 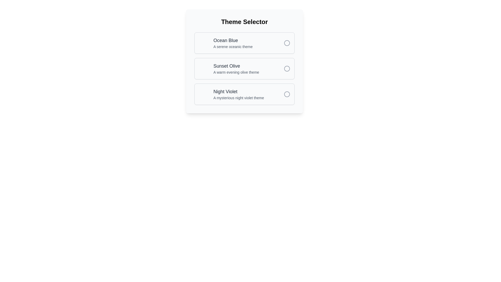 What do you see at coordinates (204, 94) in the screenshot?
I see `the purple circular icon located on the left side of the 'Night Violet' section in the 'Theme Selector' interface` at bounding box center [204, 94].